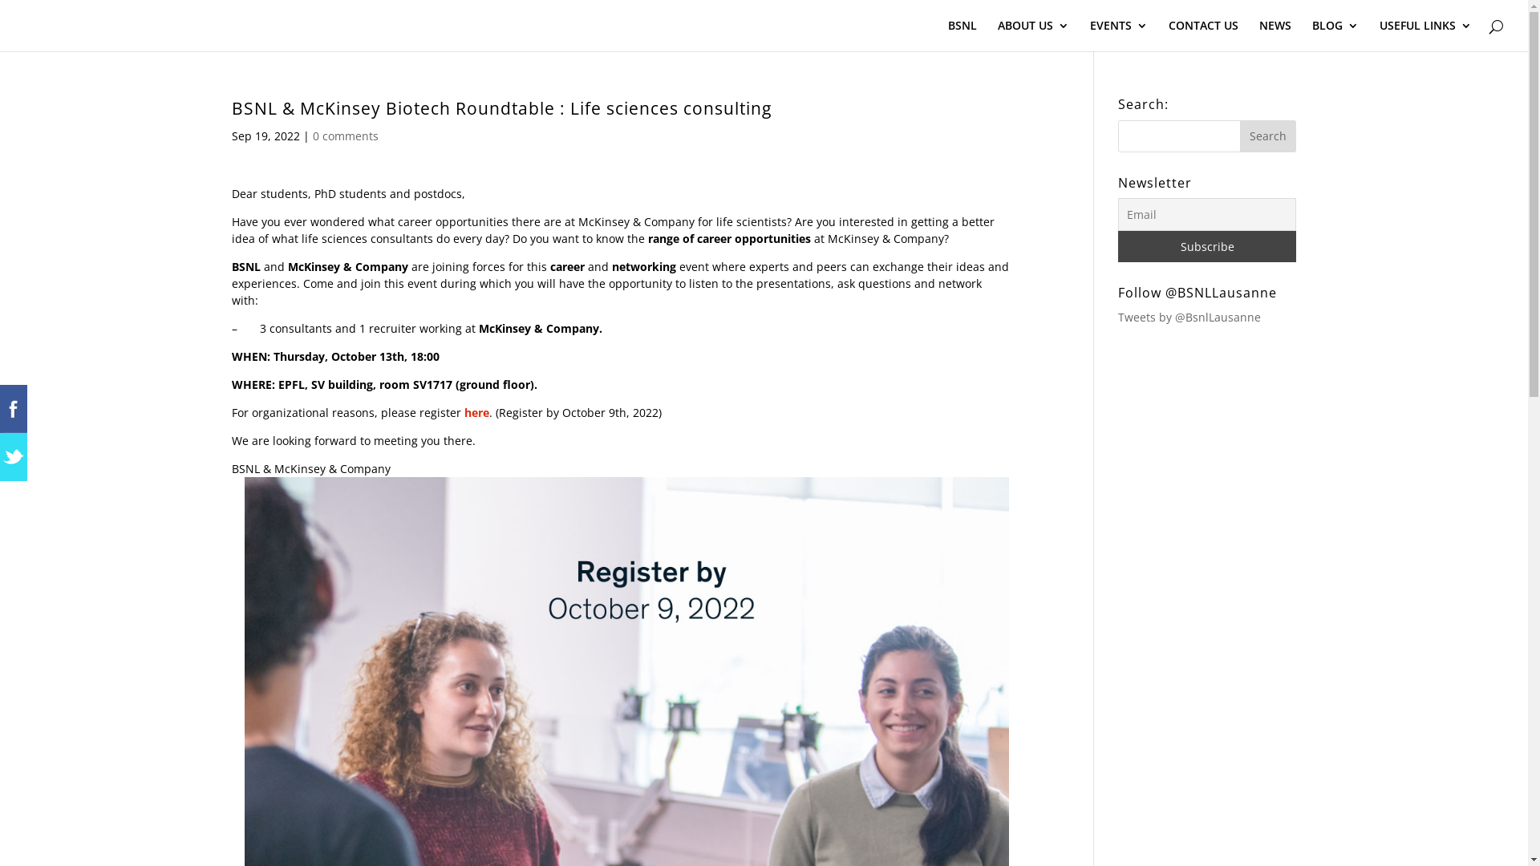  I want to click on 'CONTACT US', so click(1203, 35).